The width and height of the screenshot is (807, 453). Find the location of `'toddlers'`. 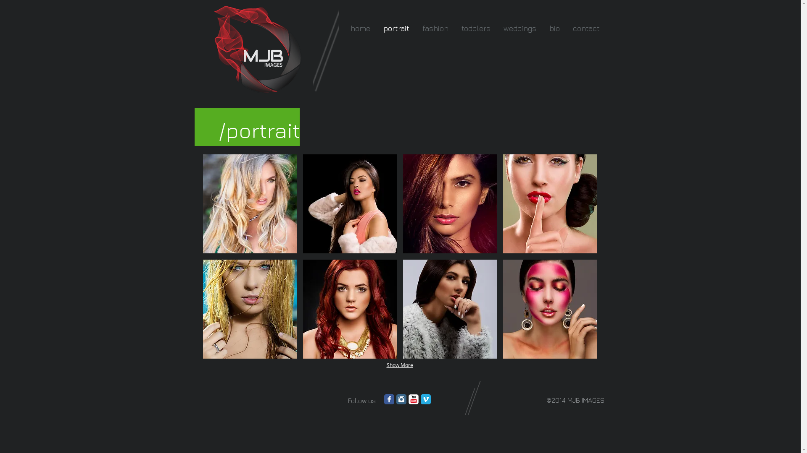

'toddlers' is located at coordinates (476, 28).